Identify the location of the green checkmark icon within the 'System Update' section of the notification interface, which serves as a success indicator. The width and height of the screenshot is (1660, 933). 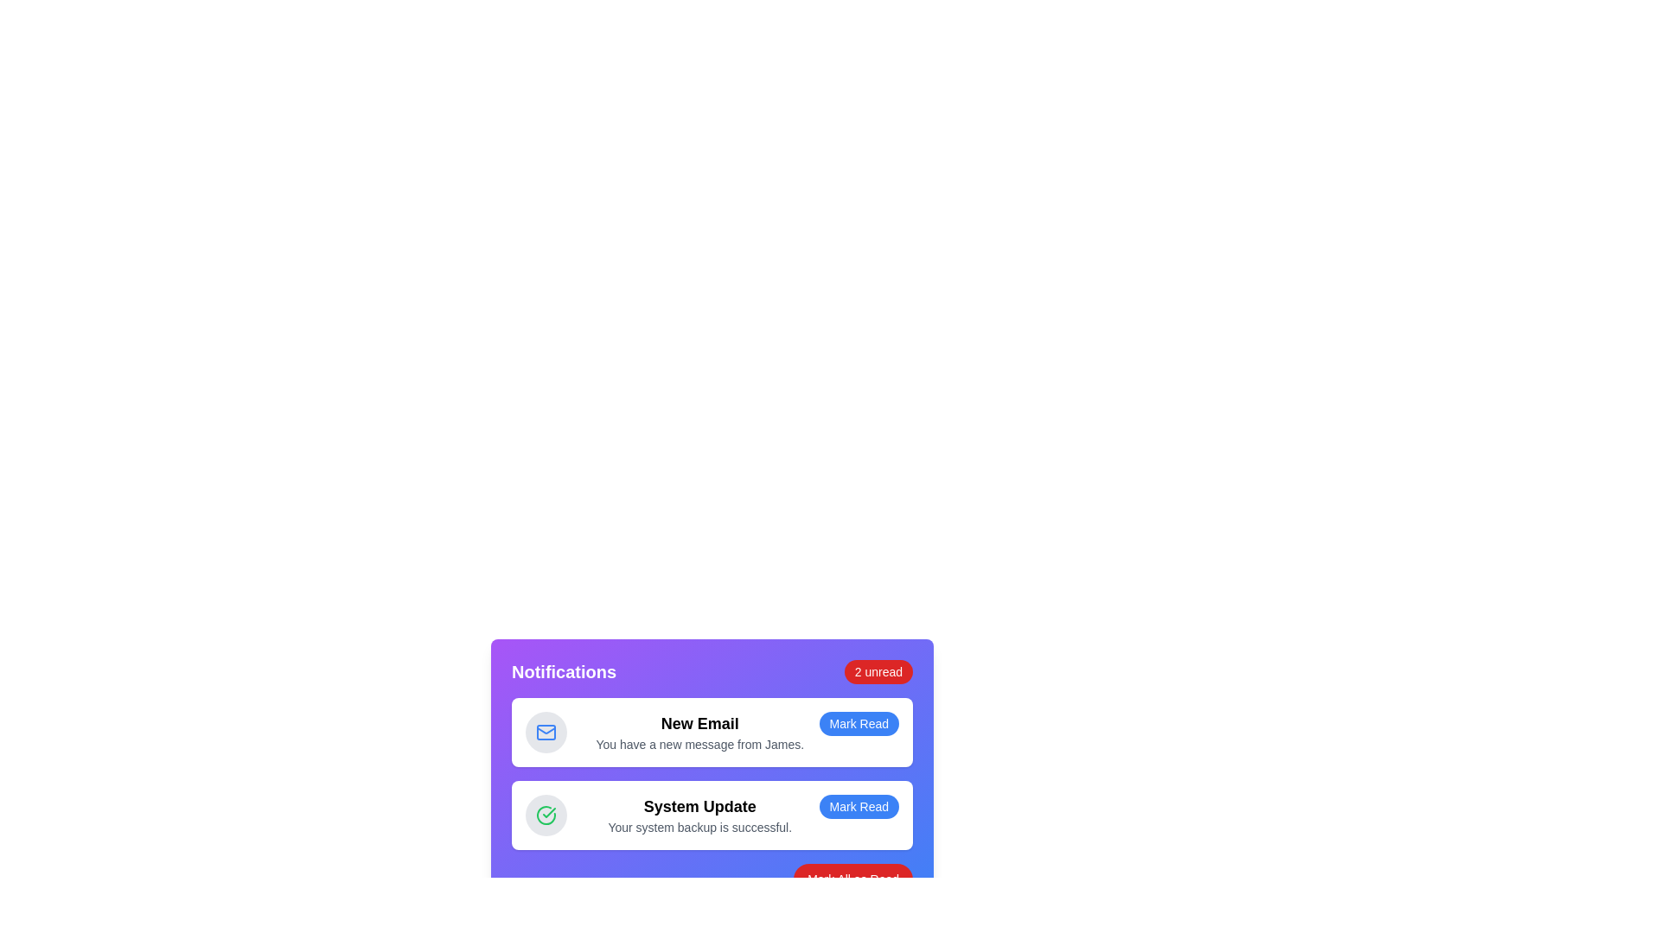
(548, 813).